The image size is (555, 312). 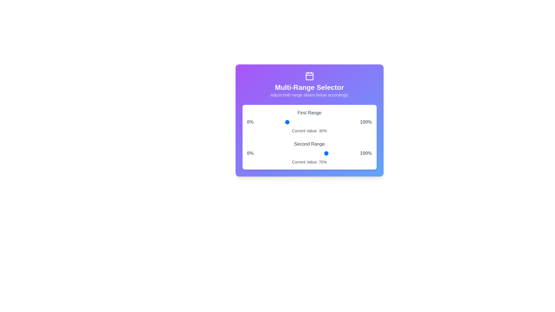 I want to click on the second slider range, so click(x=280, y=153).